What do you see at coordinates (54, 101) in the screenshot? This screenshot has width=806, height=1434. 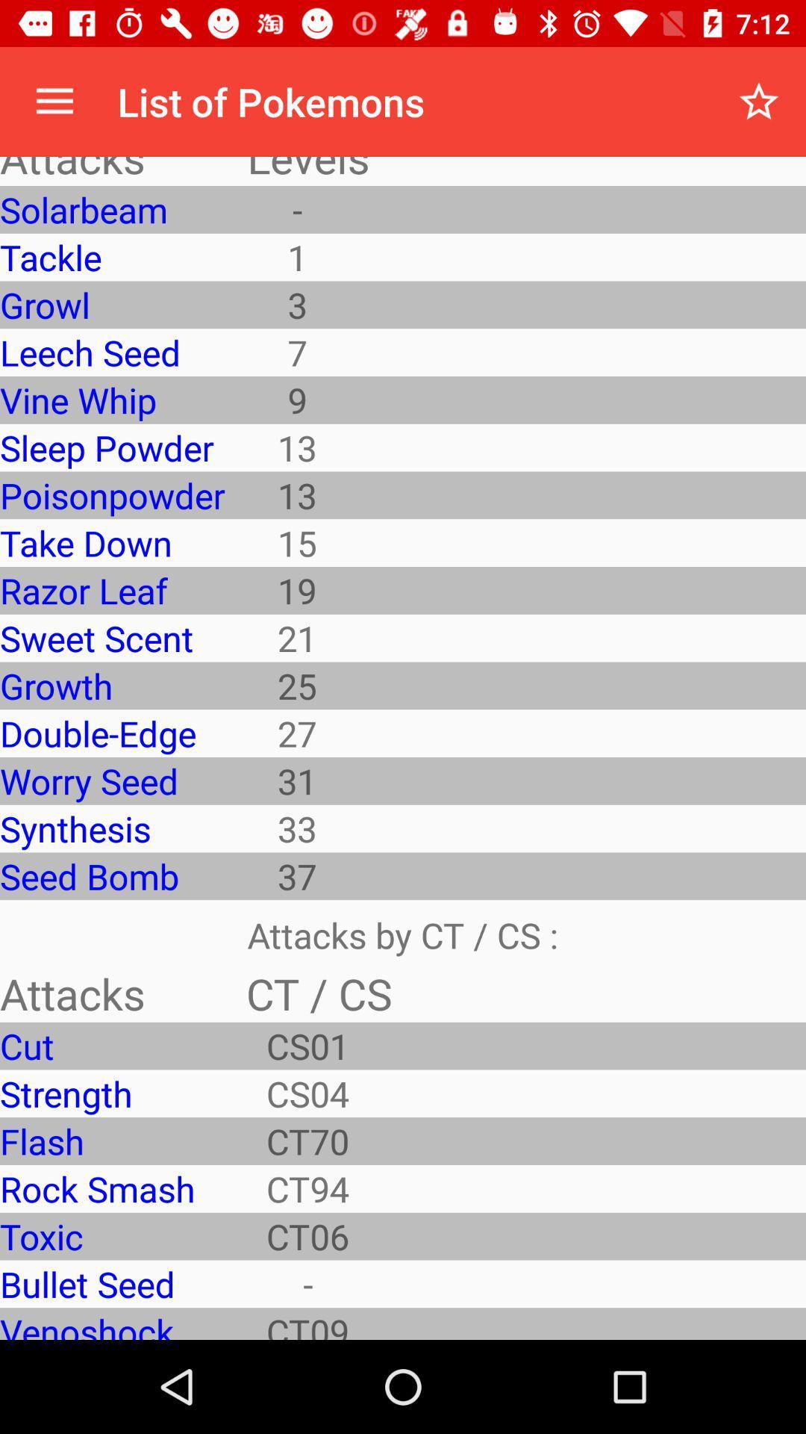 I see `app next to the list of pokemons app` at bounding box center [54, 101].